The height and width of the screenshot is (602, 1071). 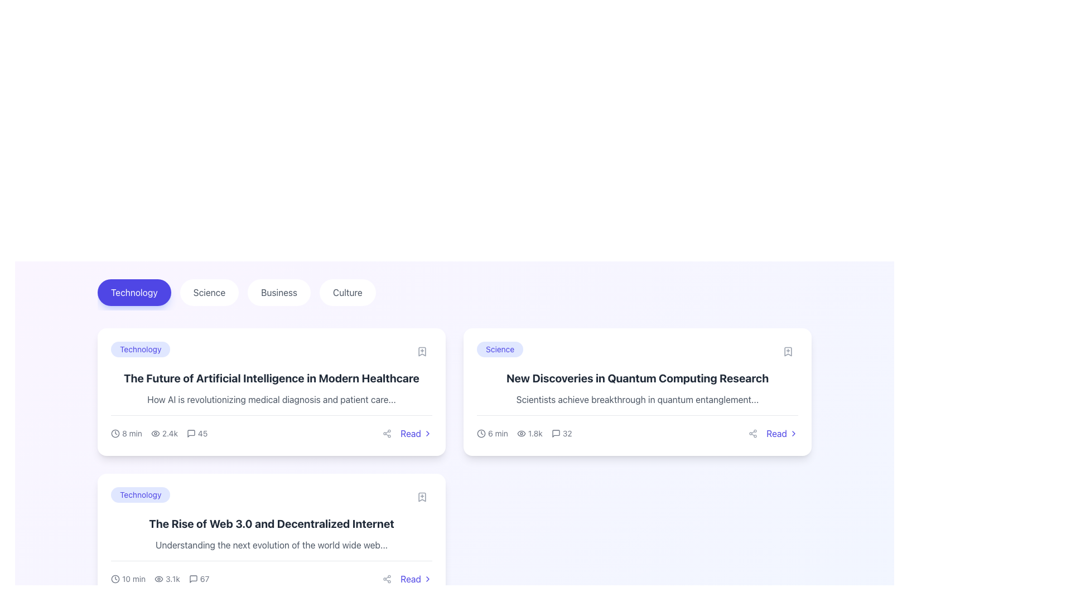 I want to click on the bookmark icon button located at the top-right corner of the first card in the 'Technology' section to bookmark the article titled 'The Future of Artificial Intelligence in Modern Healthcare.', so click(x=422, y=352).